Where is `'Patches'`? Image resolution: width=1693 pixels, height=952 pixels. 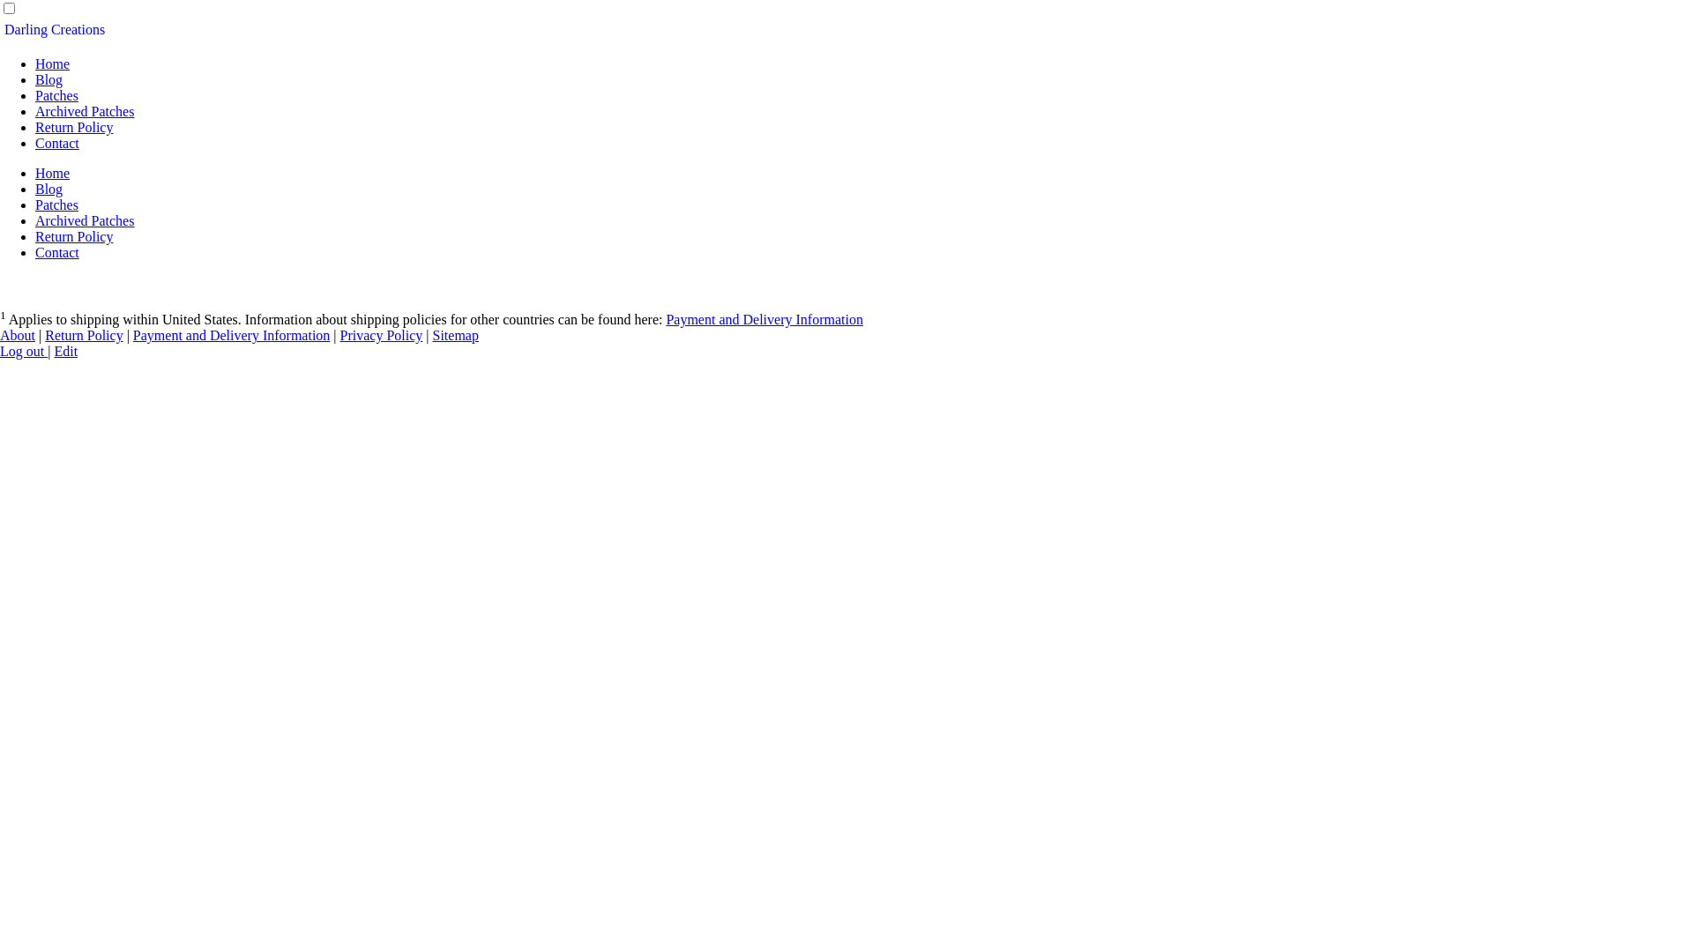
'Patches' is located at coordinates (56, 204).